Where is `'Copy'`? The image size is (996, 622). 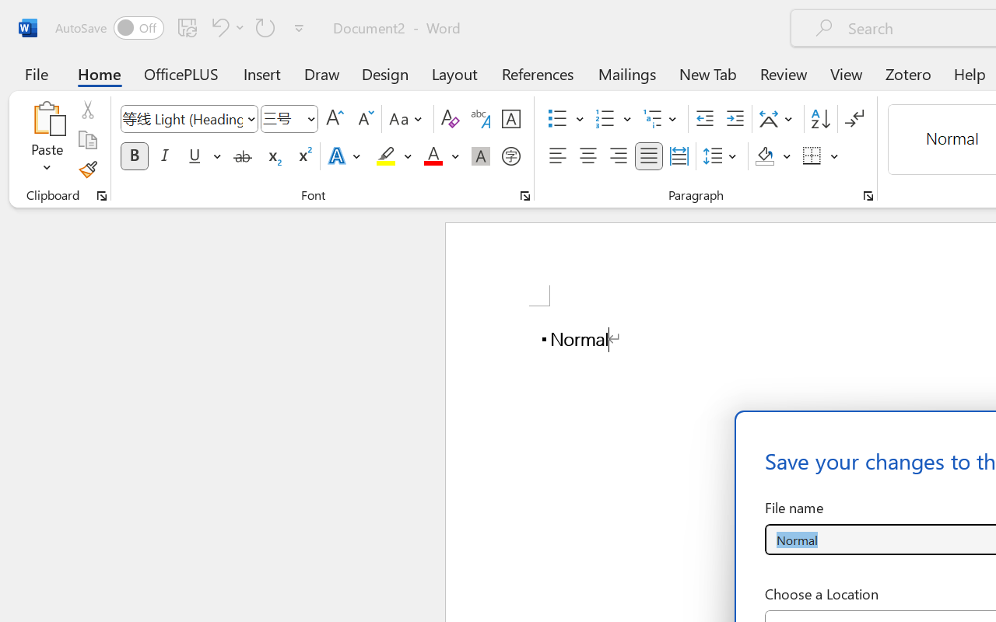
'Copy' is located at coordinates (86, 139).